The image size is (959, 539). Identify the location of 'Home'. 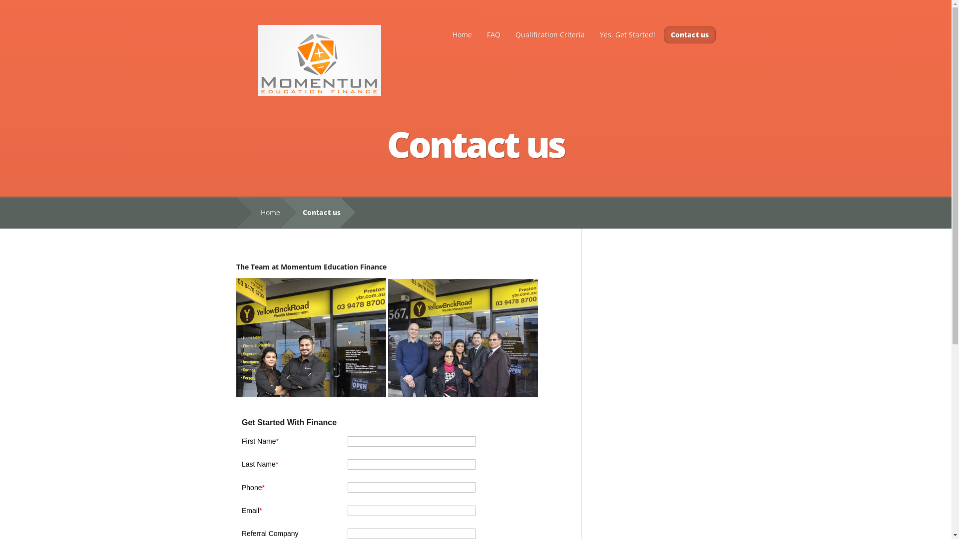
(461, 34).